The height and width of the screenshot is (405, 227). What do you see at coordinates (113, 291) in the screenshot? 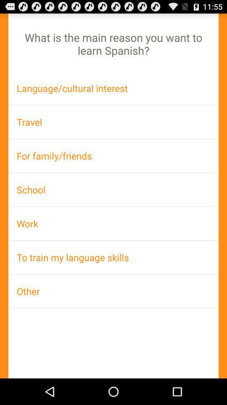
I see `other` at bounding box center [113, 291].